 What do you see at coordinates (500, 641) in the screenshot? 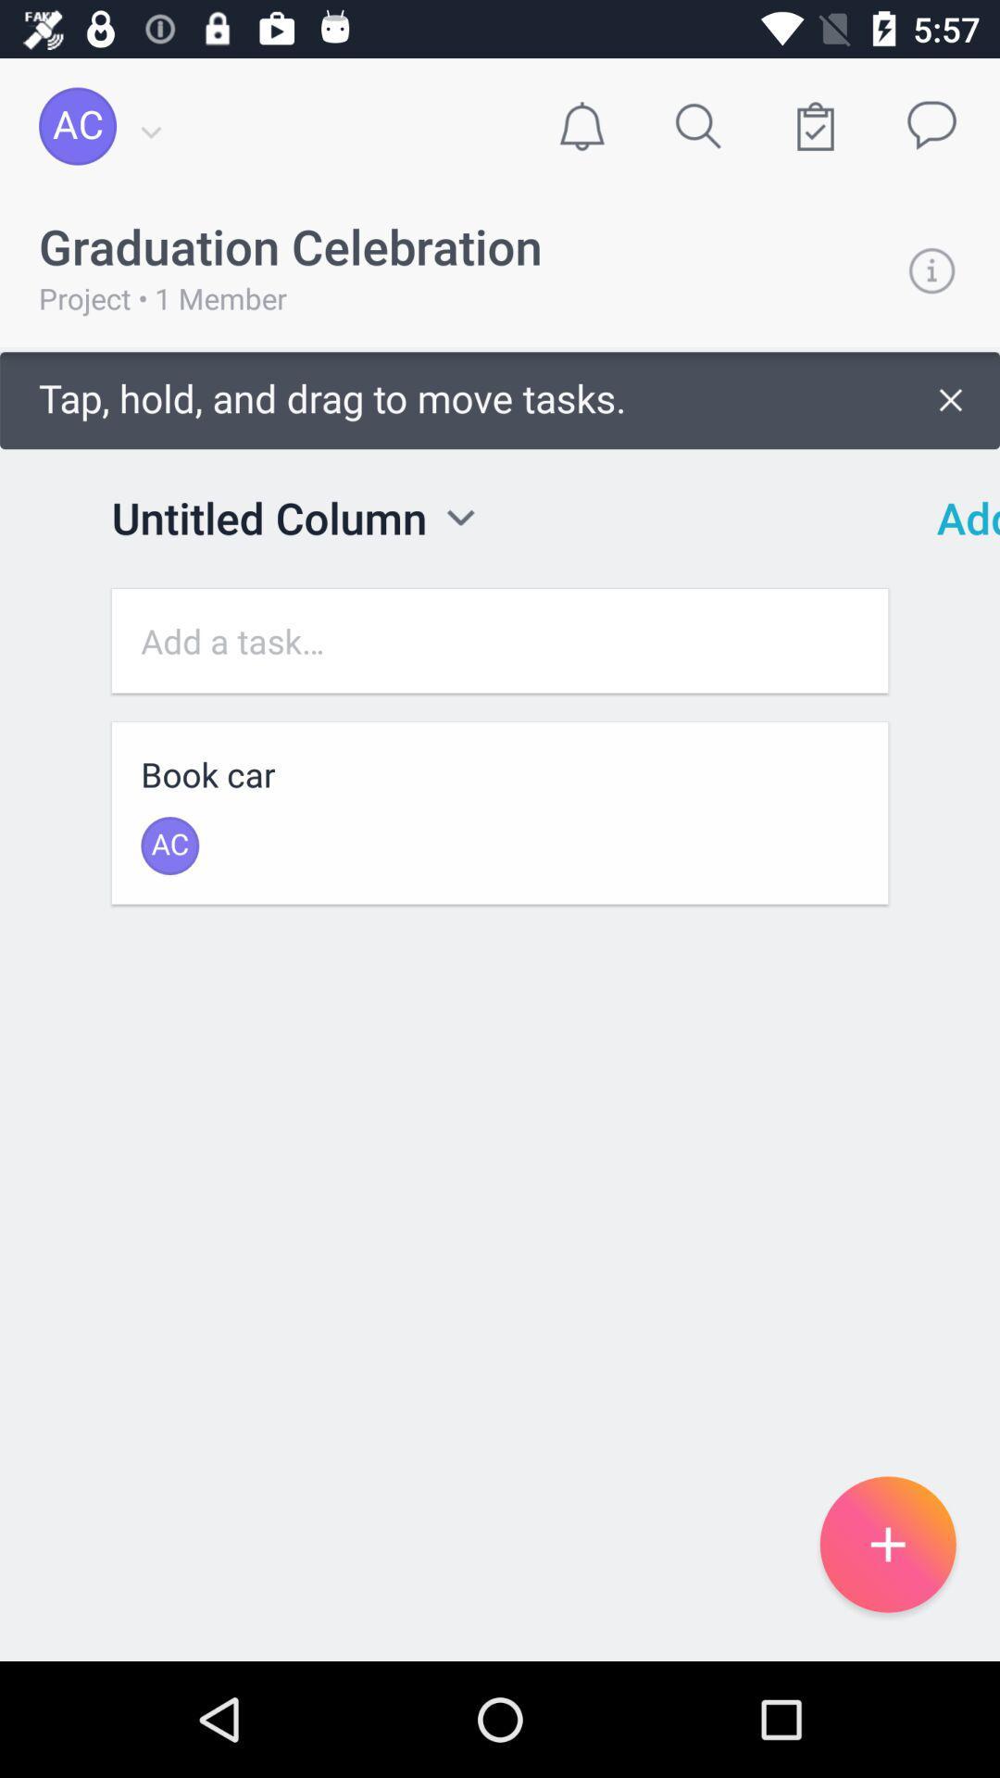
I see `task name` at bounding box center [500, 641].